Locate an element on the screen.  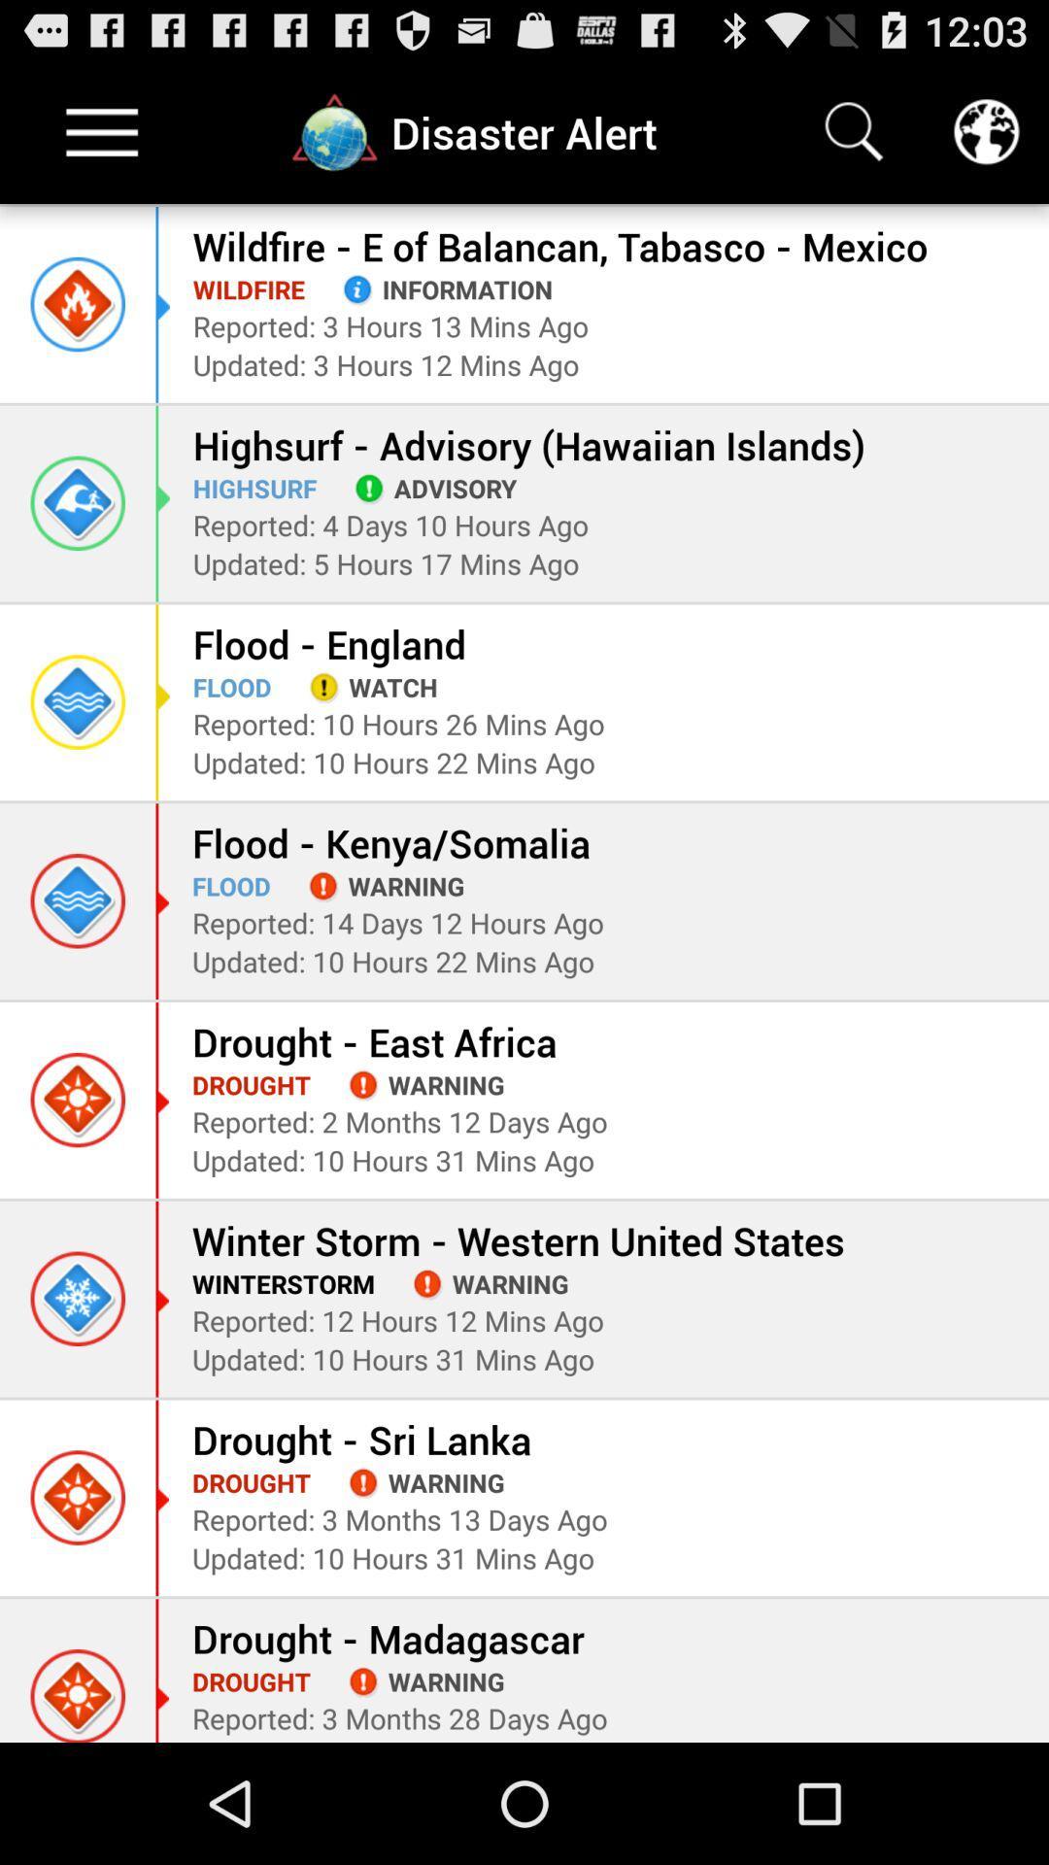
map is located at coordinates (986, 131).